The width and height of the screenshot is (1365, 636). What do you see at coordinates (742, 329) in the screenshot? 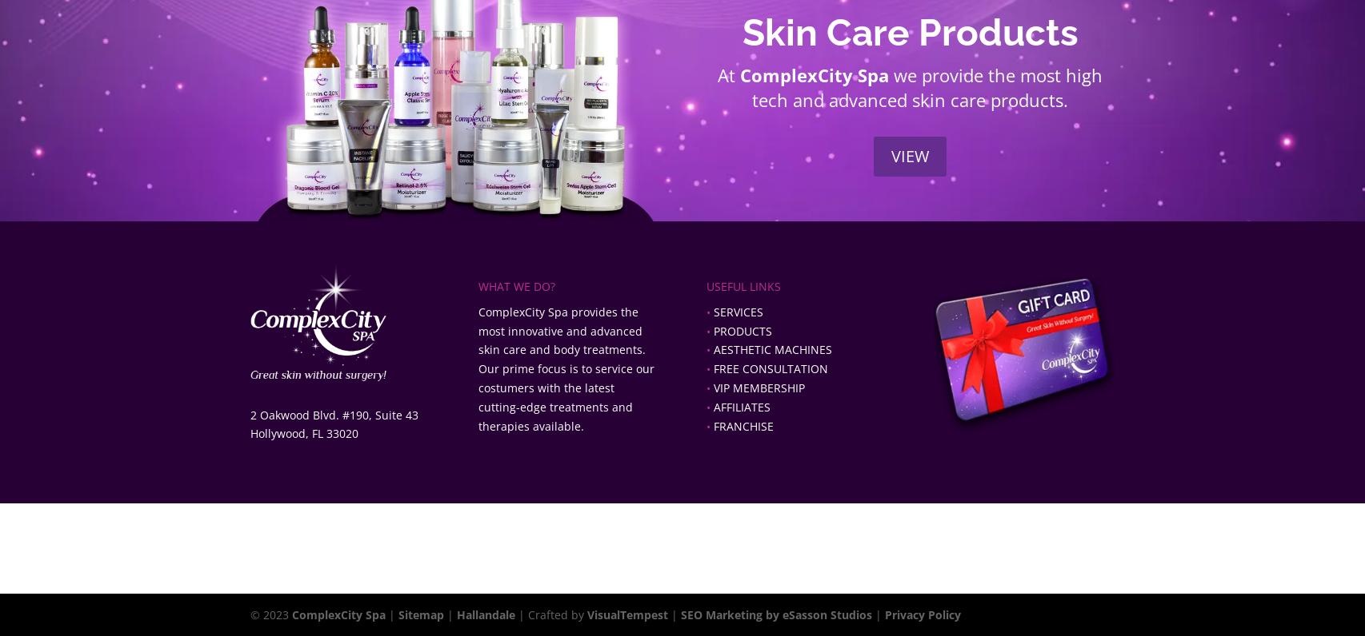
I see `'PRODUCTS'` at bounding box center [742, 329].